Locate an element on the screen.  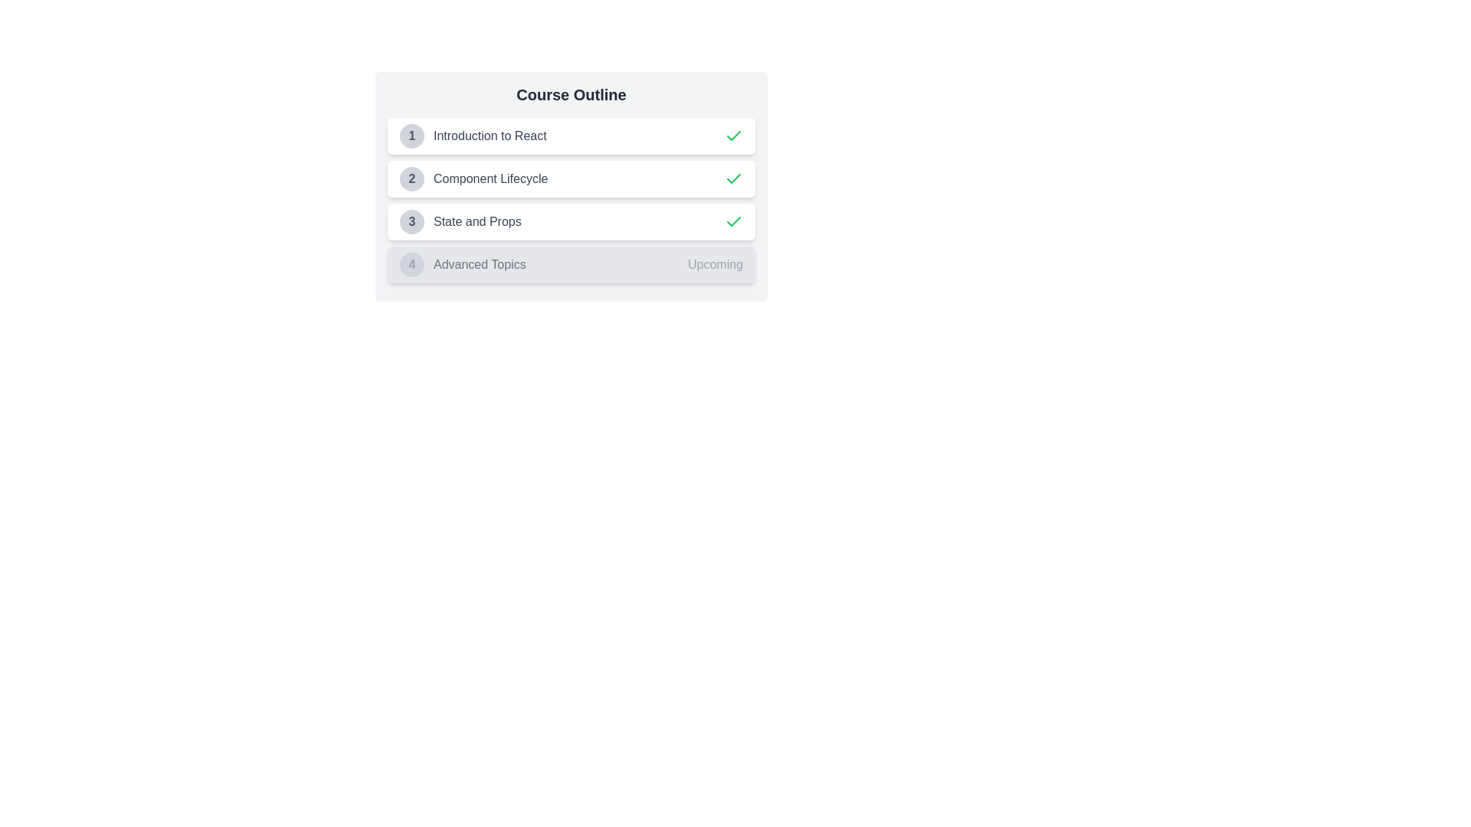
the text label displaying 'Advanced Topics', which is part of the course outline list and aligned with the numeral '4' is located at coordinates (479, 264).